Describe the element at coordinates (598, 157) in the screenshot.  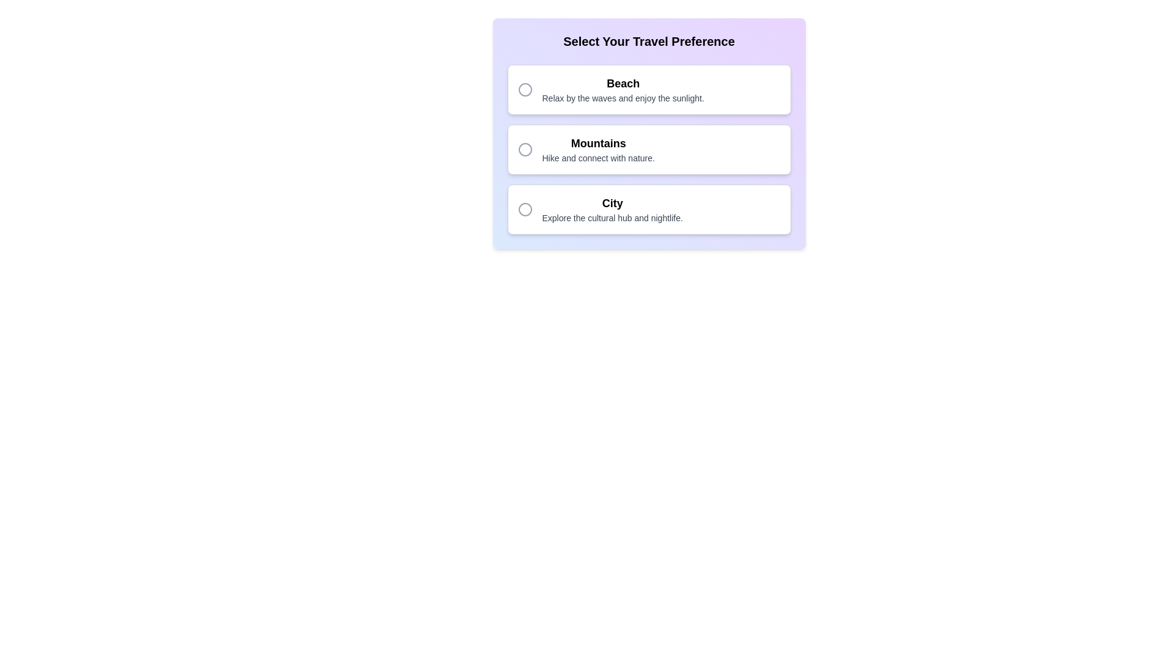
I see `the descriptive text label that provides additional information about the 'Mountains' travel preference, which is positioned immediately below the bold 'Mountains' title` at that location.